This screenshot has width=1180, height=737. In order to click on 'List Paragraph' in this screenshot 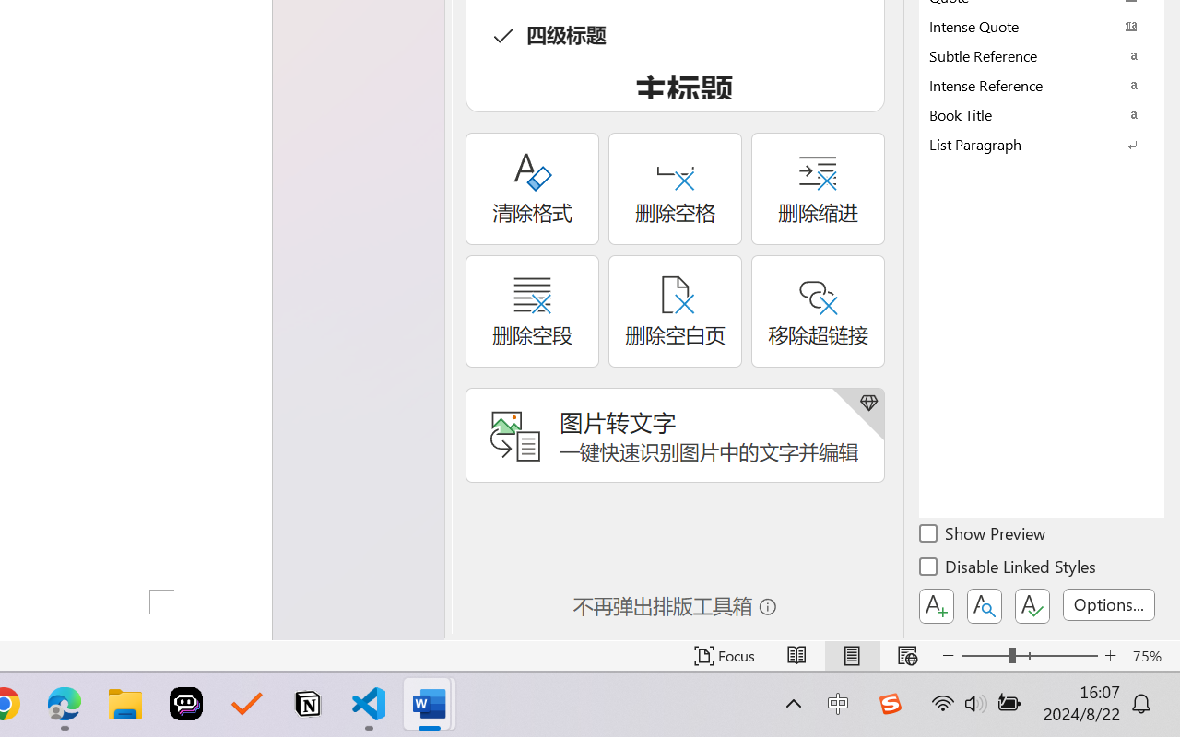, I will do `click(1042, 144)`.